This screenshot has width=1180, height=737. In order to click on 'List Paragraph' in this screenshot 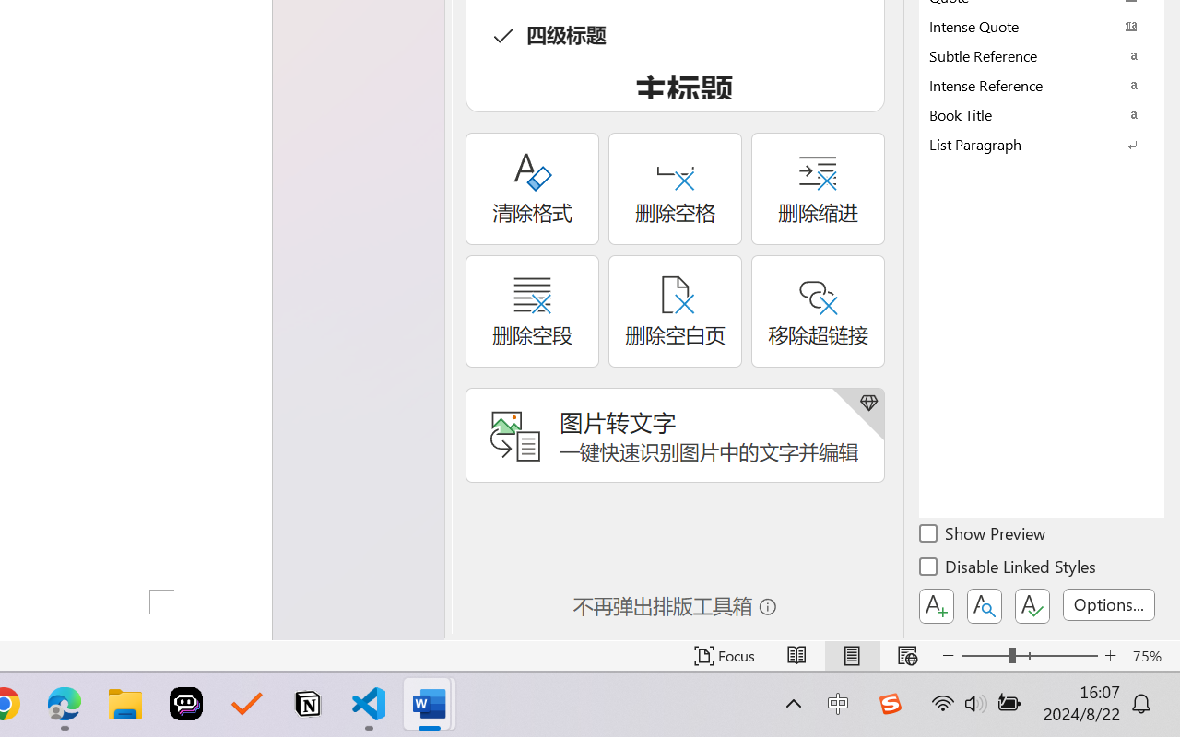, I will do `click(1042, 144)`.